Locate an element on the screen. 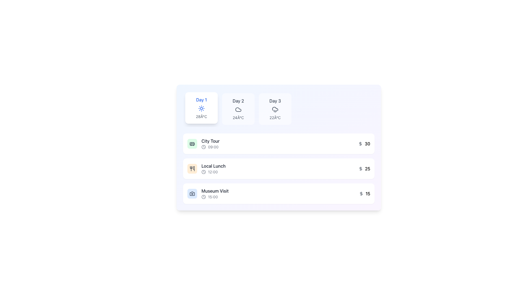 The image size is (520, 293). the Text display with an icon (price indicator) that shows the cost for the 'Local Lunch' event, located to the right of the 'Local Lunch' description is located at coordinates (364, 168).